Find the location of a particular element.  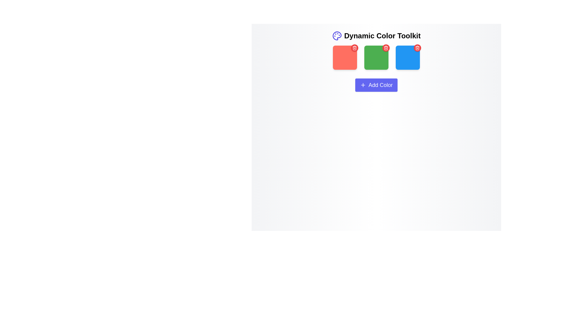

the selectable color card element, which is the second in a row of three color cards is located at coordinates (376, 58).